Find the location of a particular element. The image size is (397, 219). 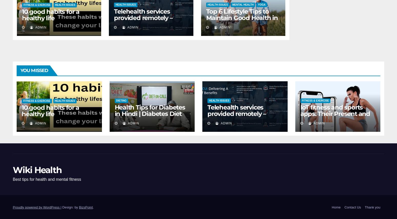

'Design:  by' is located at coordinates (70, 207).